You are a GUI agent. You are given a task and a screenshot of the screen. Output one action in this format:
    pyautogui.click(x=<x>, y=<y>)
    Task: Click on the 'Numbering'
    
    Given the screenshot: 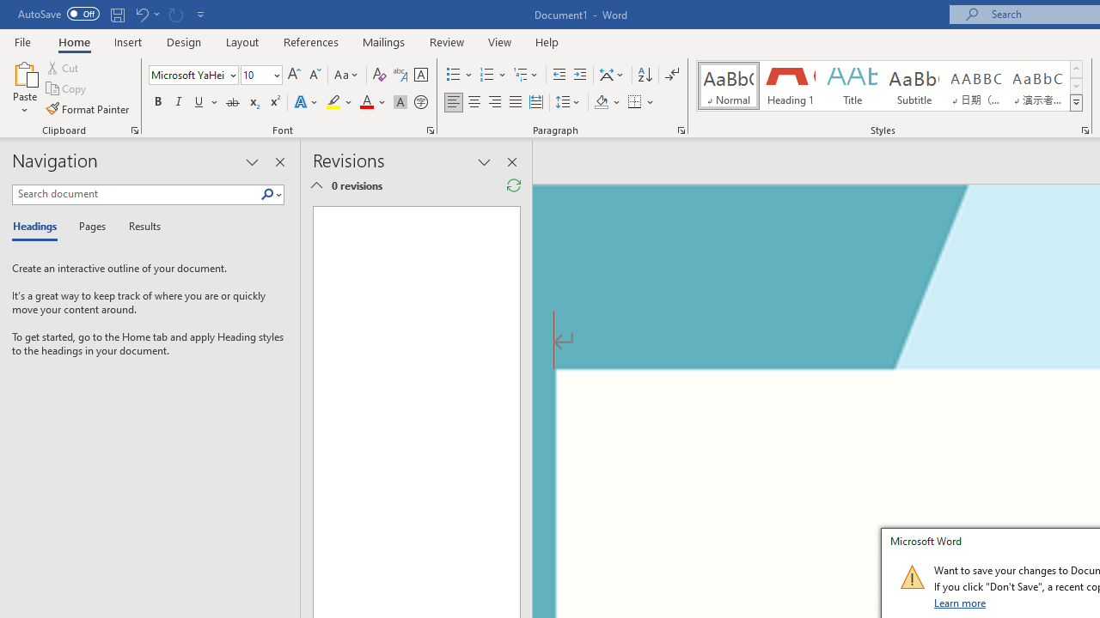 What is the action you would take?
    pyautogui.click(x=492, y=74)
    